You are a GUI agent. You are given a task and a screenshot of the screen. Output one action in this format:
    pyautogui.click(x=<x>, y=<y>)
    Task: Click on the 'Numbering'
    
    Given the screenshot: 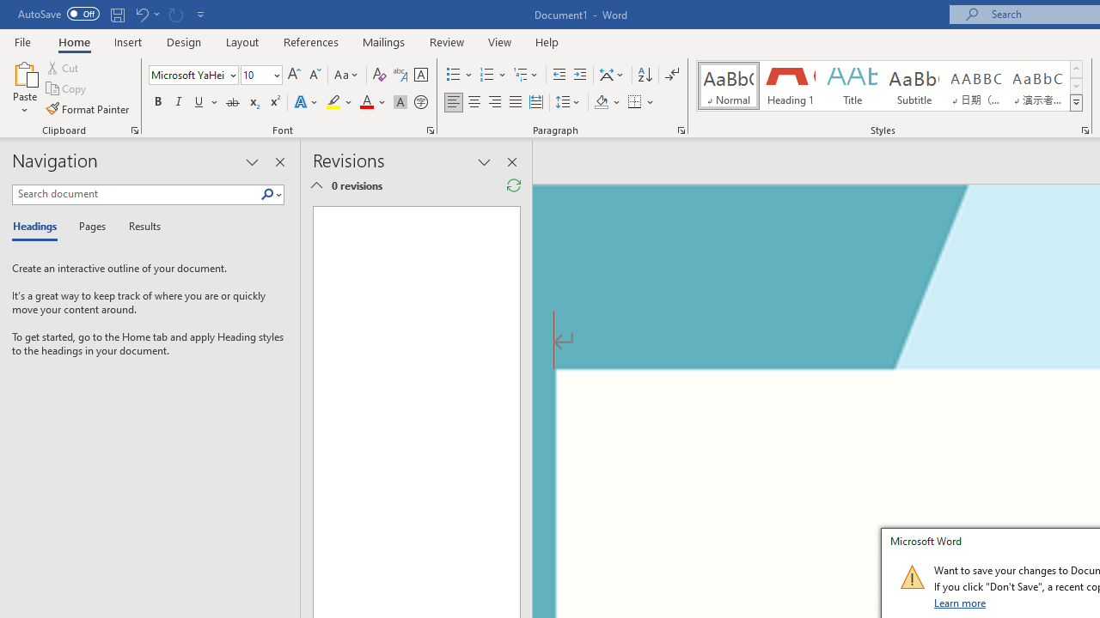 What is the action you would take?
    pyautogui.click(x=492, y=74)
    